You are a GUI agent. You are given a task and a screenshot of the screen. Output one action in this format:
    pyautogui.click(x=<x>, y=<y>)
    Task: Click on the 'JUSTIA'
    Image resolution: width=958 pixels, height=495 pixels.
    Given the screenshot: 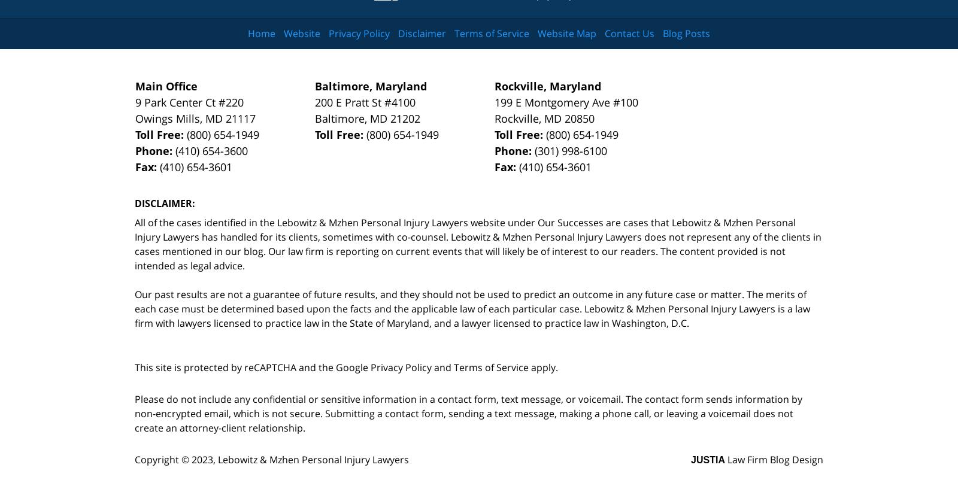 What is the action you would take?
    pyautogui.click(x=690, y=459)
    